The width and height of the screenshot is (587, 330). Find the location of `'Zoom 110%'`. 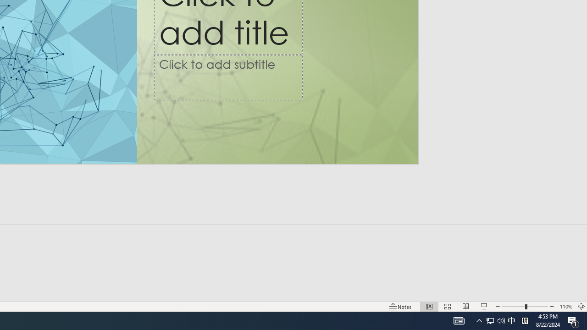

'Zoom 110%' is located at coordinates (565, 307).